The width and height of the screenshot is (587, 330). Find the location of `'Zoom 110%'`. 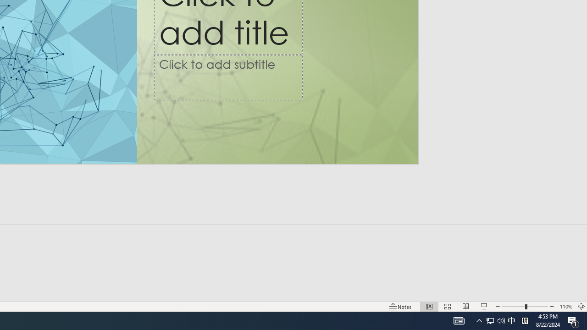

'Zoom 110%' is located at coordinates (565, 307).